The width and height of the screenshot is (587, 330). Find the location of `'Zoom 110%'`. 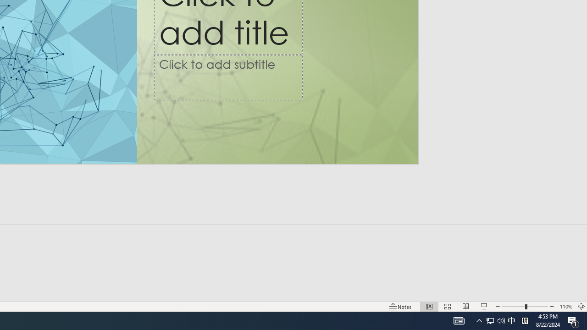

'Zoom 110%' is located at coordinates (565, 307).